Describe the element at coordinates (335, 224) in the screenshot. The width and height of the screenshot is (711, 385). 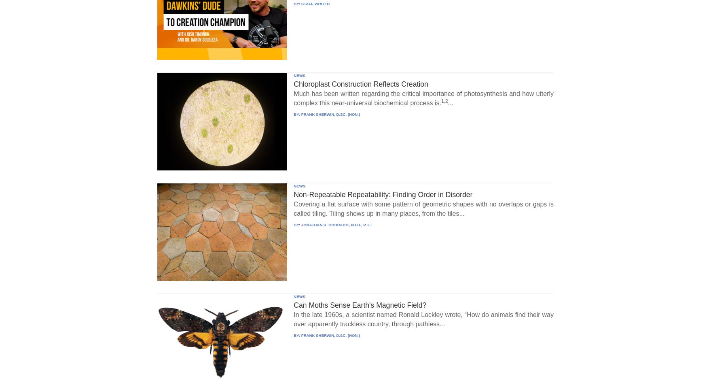
I see `'JONATHAN K. CORRADO, PH.D., P. E.'` at that location.